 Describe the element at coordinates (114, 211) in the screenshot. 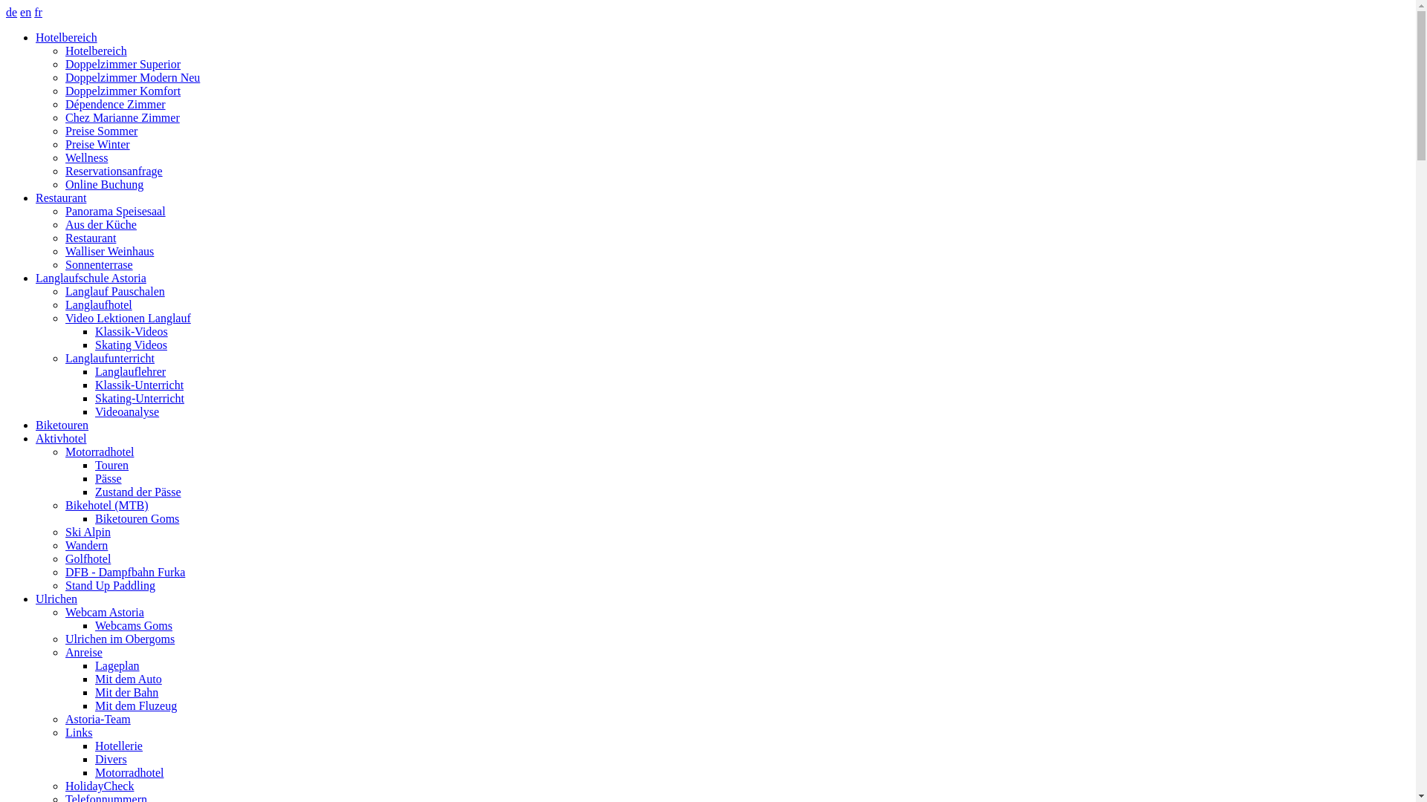

I see `'Panorama Speisesaal'` at that location.